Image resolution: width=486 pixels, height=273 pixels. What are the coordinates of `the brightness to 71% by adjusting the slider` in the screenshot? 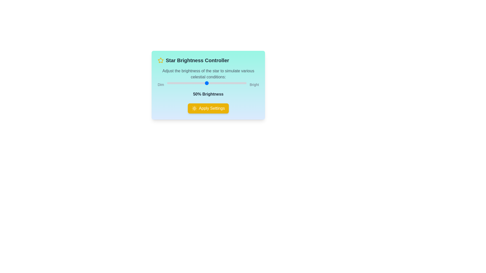 It's located at (223, 83).